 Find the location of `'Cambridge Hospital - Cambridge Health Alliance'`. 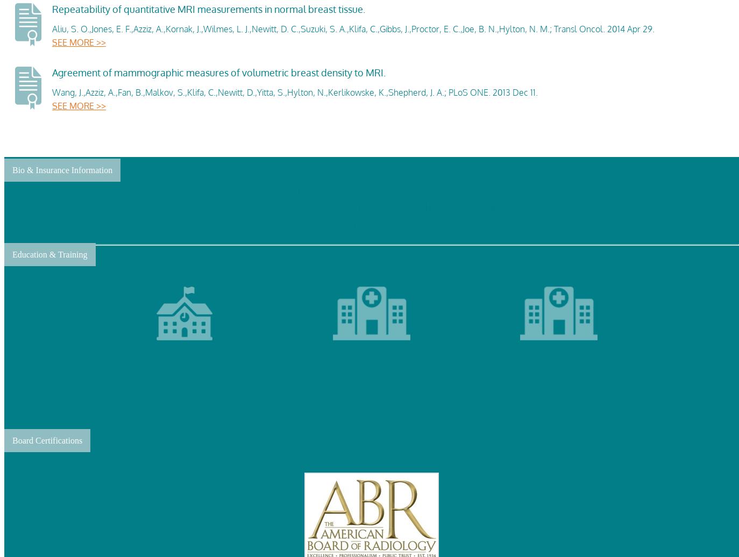

'Cambridge Hospital - Cambridge Health Alliance' is located at coordinates (371, 375).